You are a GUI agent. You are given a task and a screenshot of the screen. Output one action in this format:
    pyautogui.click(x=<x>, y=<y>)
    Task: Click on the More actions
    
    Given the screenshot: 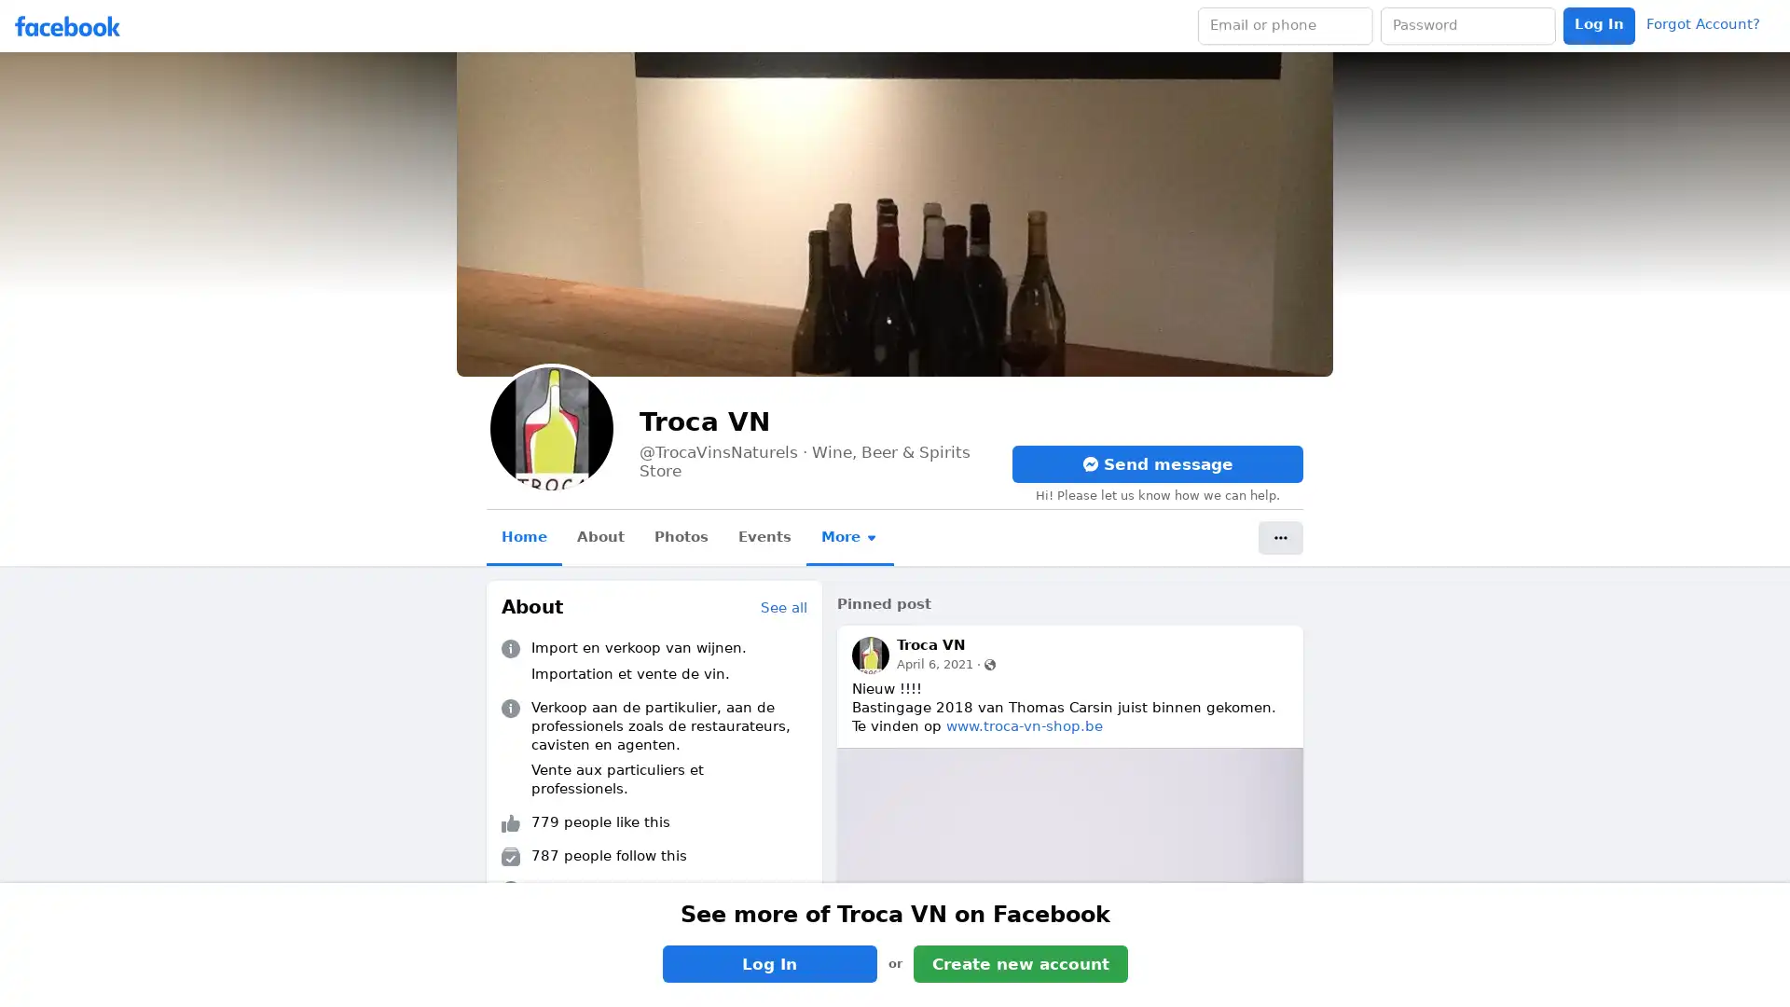 What is the action you would take?
    pyautogui.click(x=1279, y=538)
    